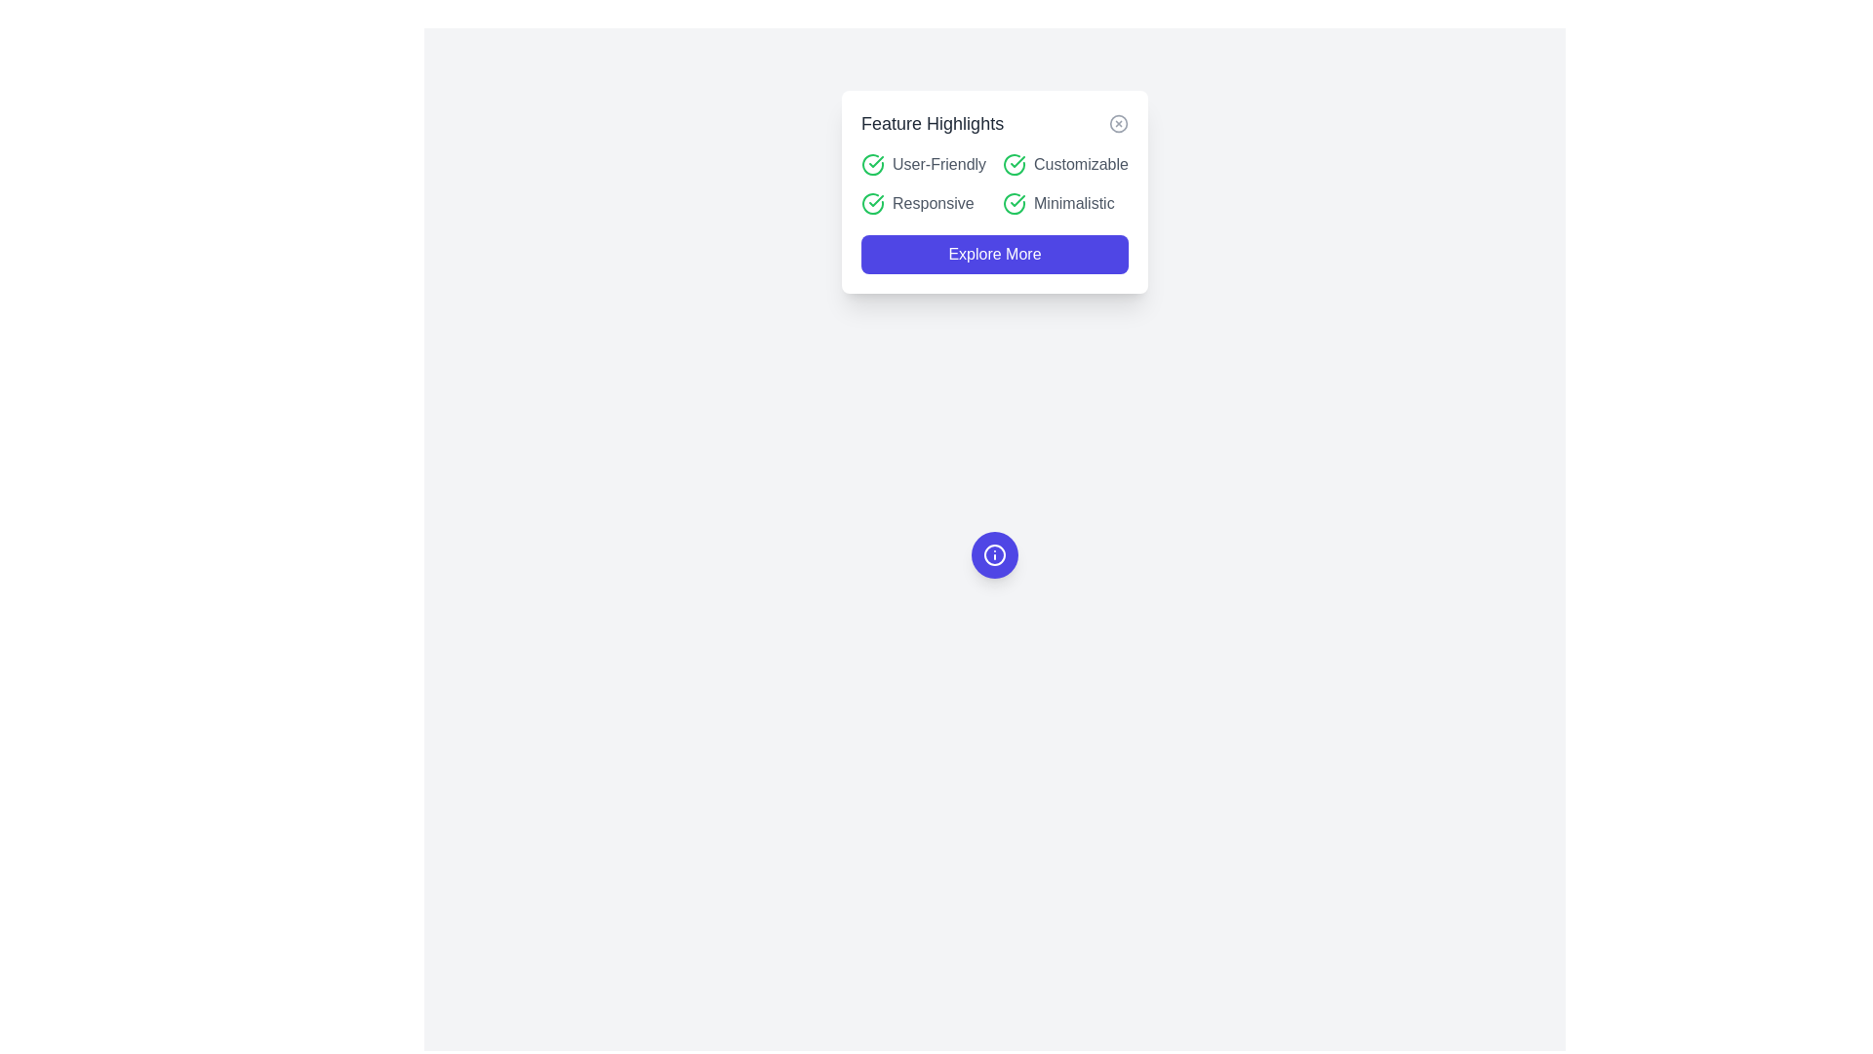  I want to click on the circular part of the SVG icon located at the top-right corner of the feature highlights card component, so click(1119, 124).